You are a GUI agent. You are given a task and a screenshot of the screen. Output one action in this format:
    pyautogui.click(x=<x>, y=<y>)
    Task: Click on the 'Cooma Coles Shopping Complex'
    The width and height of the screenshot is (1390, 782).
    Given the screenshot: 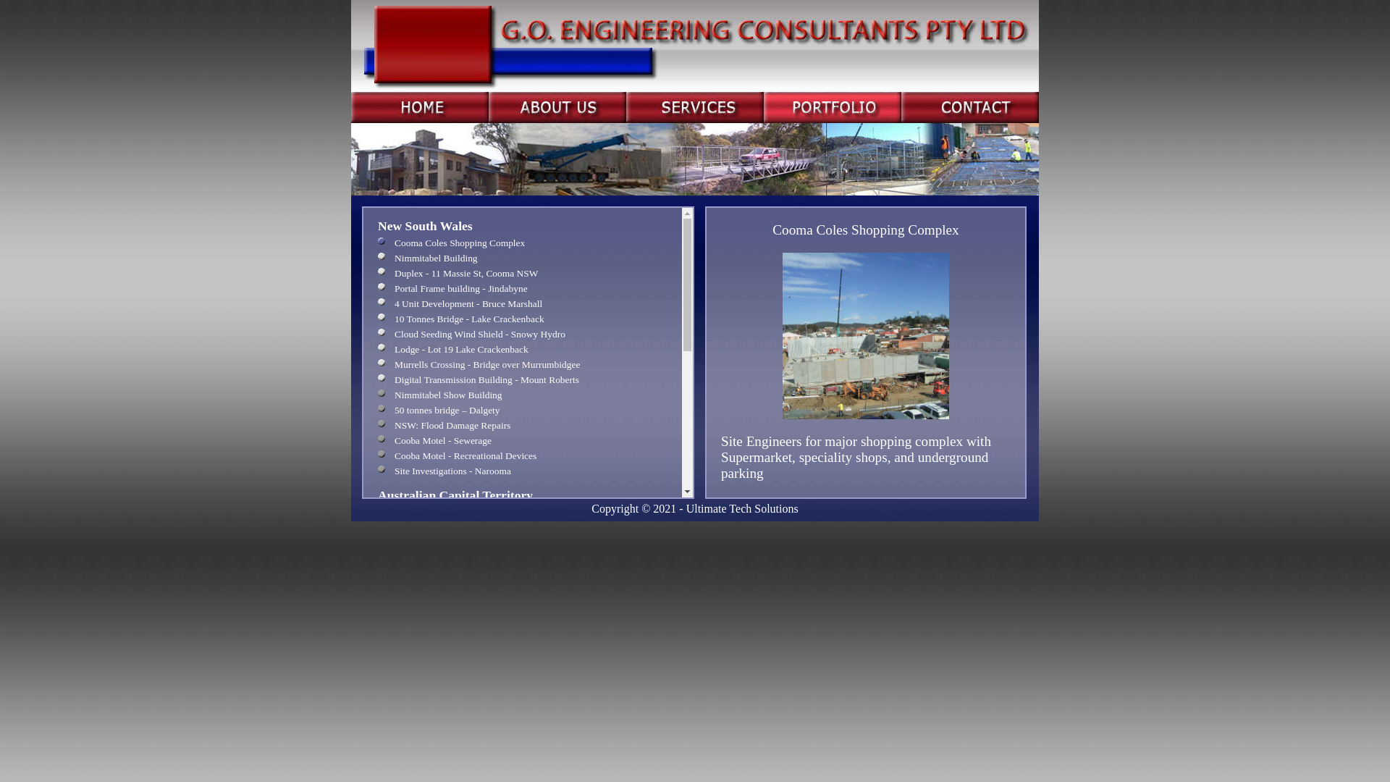 What is the action you would take?
    pyautogui.click(x=378, y=242)
    